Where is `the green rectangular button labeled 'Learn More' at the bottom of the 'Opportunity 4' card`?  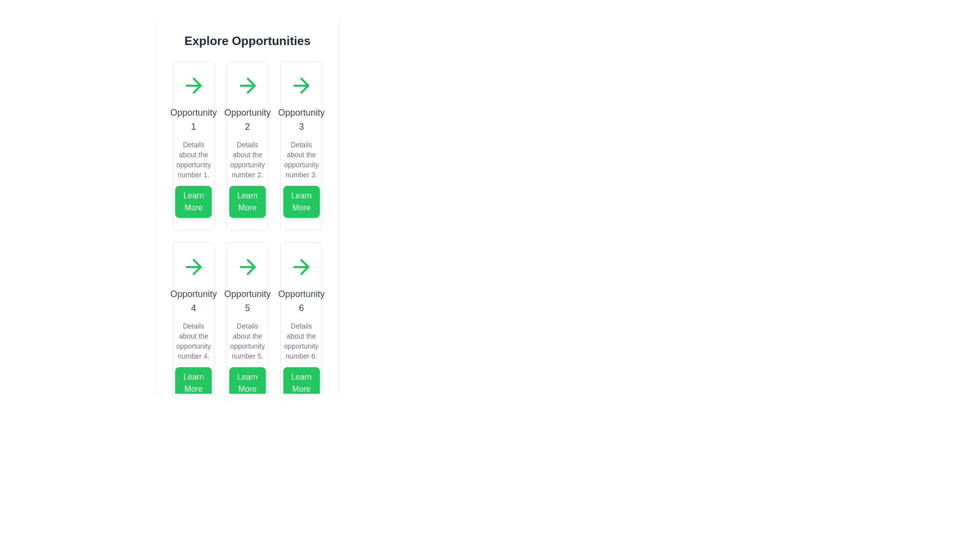 the green rectangular button labeled 'Learn More' at the bottom of the 'Opportunity 4' card is located at coordinates (193, 383).